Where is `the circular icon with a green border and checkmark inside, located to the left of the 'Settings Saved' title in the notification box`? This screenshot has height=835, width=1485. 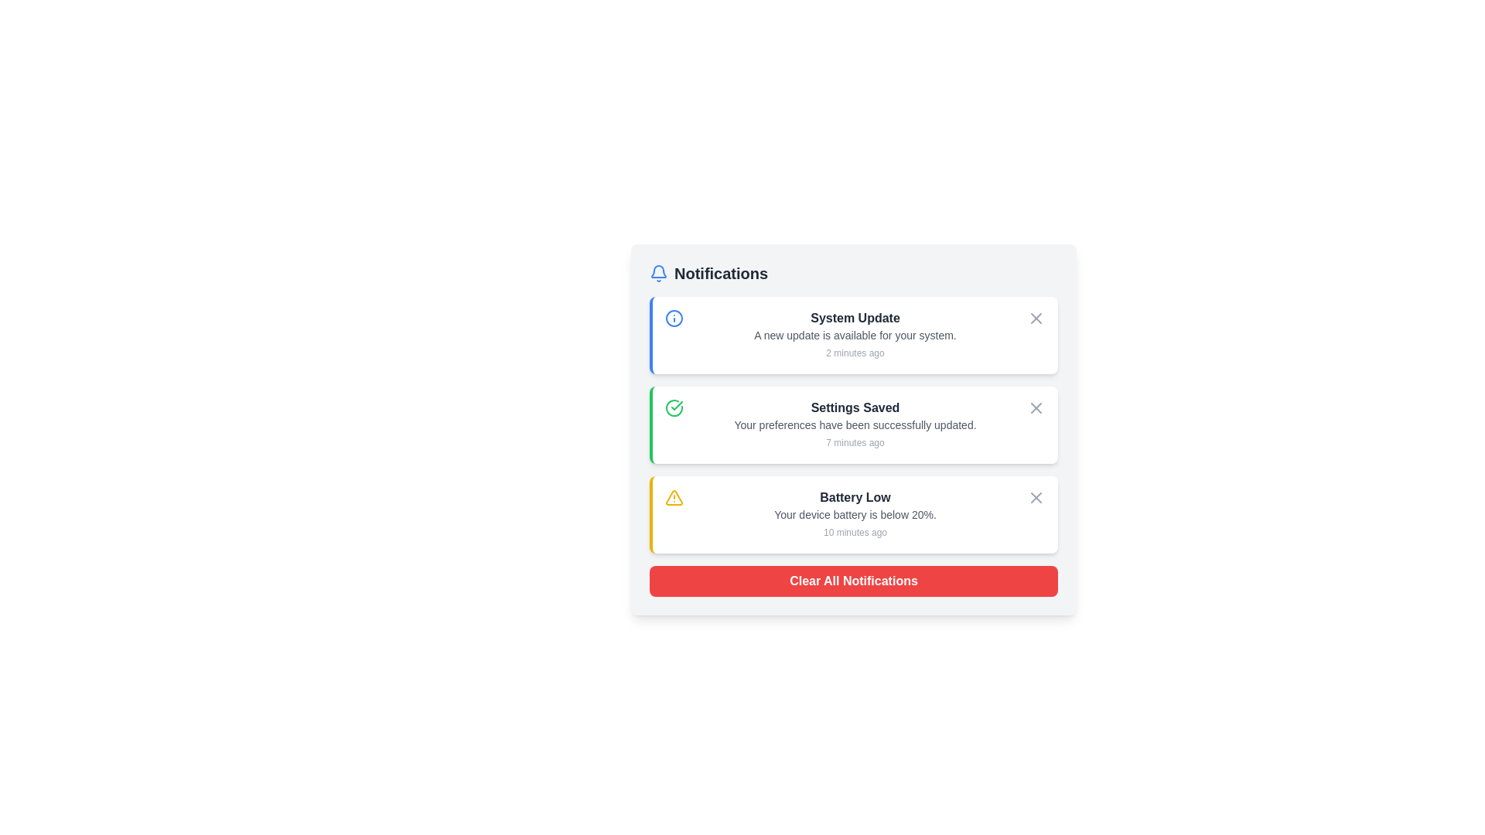
the circular icon with a green border and checkmark inside, located to the left of the 'Settings Saved' title in the notification box is located at coordinates (674, 407).